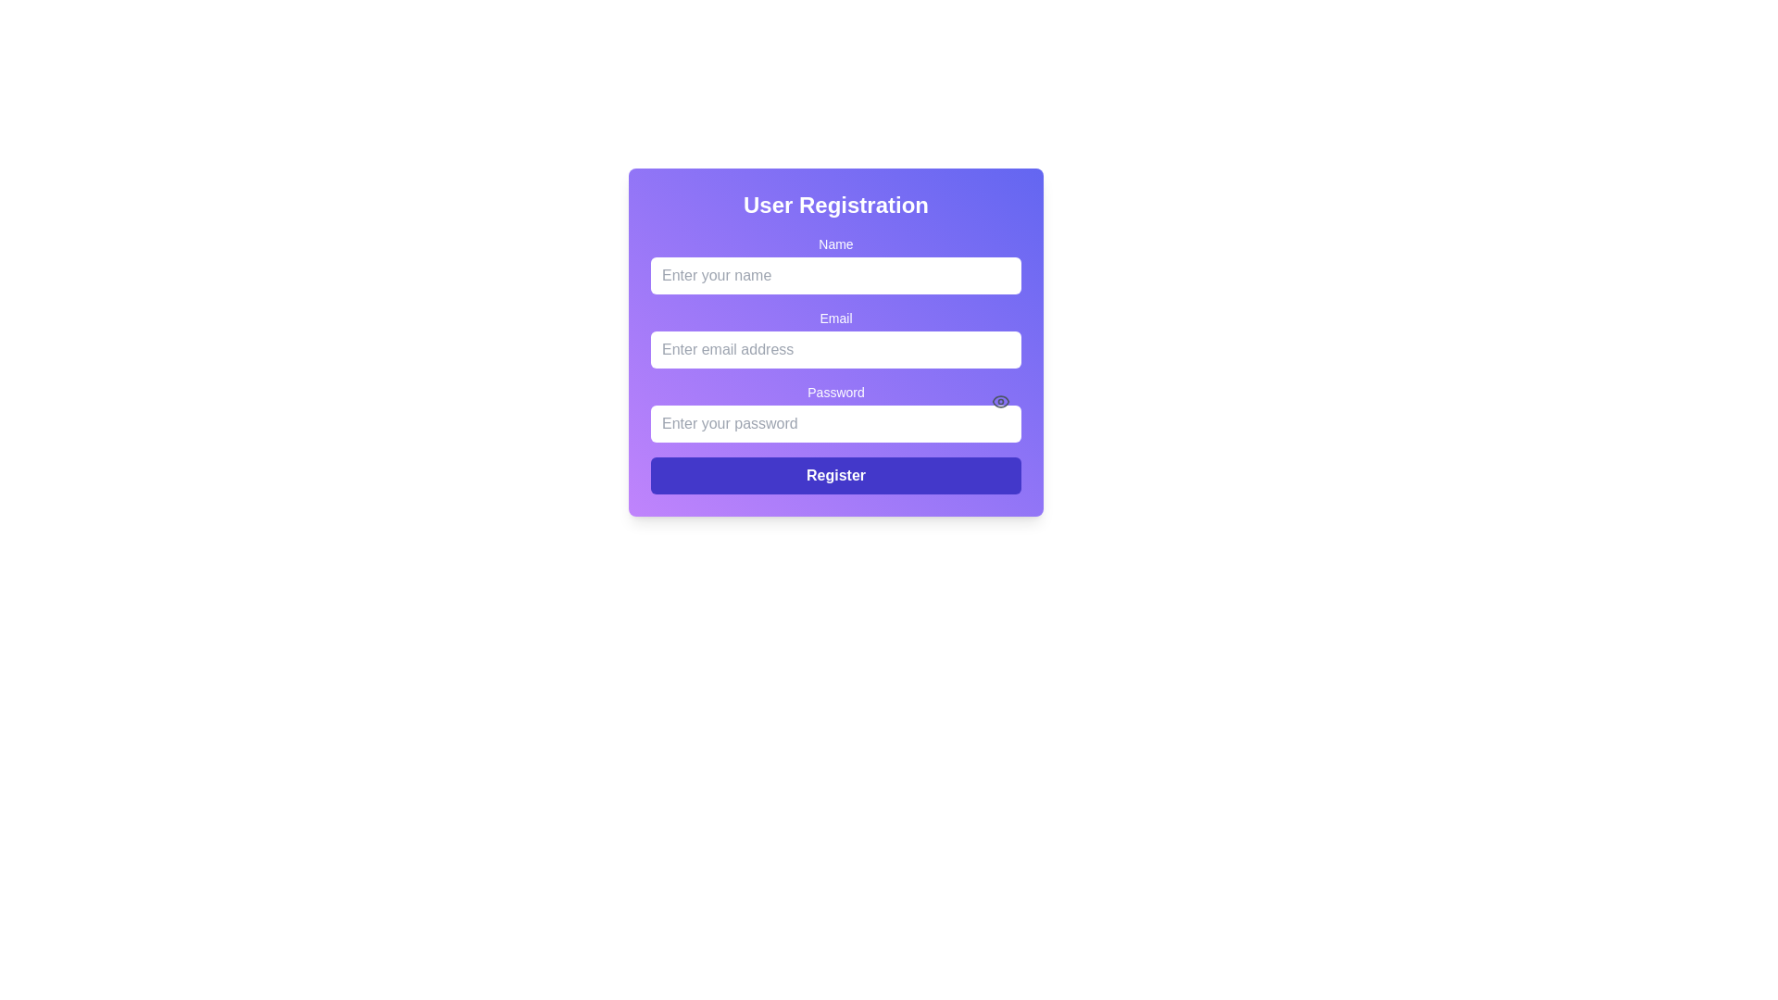 The height and width of the screenshot is (1000, 1778). Describe the element at coordinates (834, 474) in the screenshot. I see `the purple 'Register' button with rounded edges` at that location.